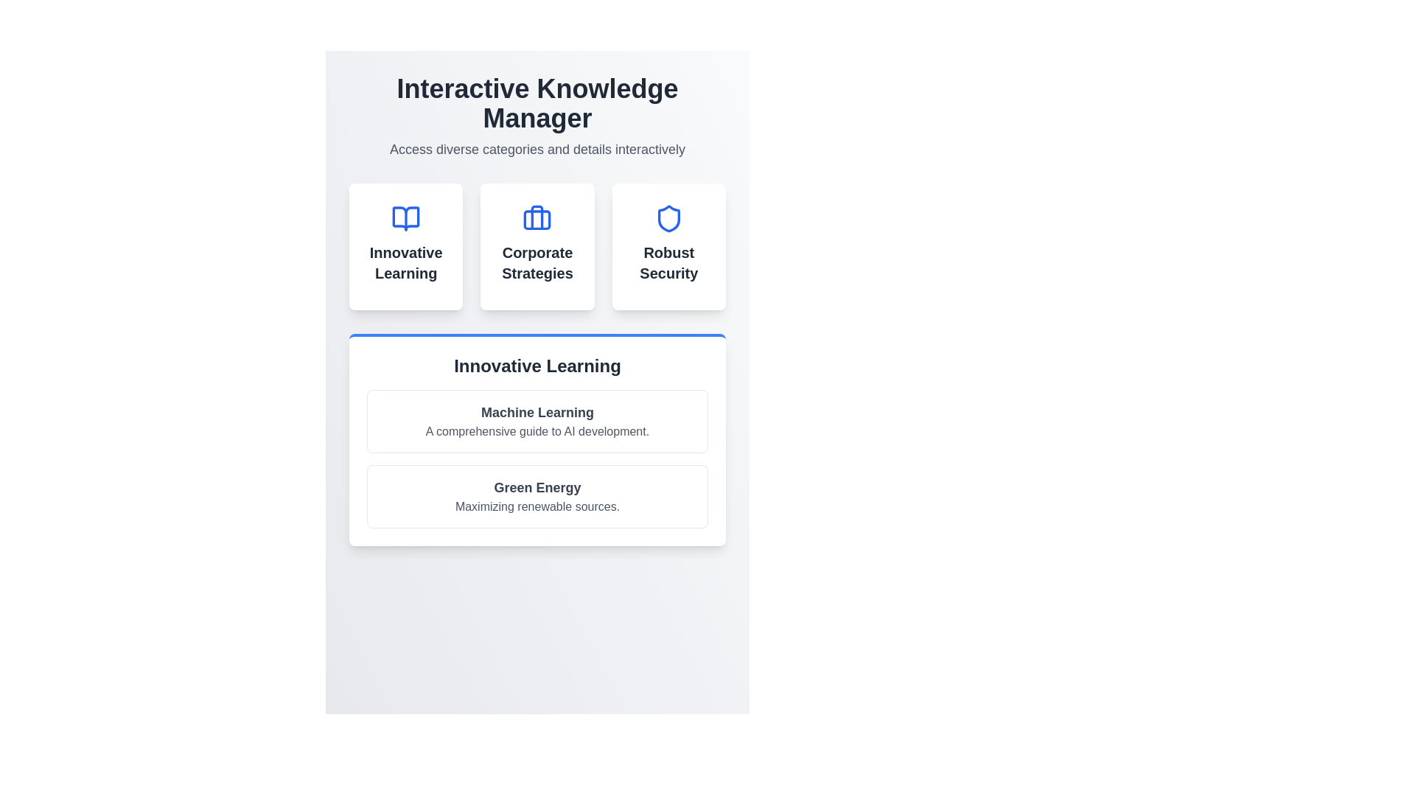 Image resolution: width=1415 pixels, height=796 pixels. I want to click on the Category selection tile labeled 'Innovative Learning', which is a rectangular tile with rounded corners, a white background, and an icon of an open book in blue at the top, so click(406, 246).